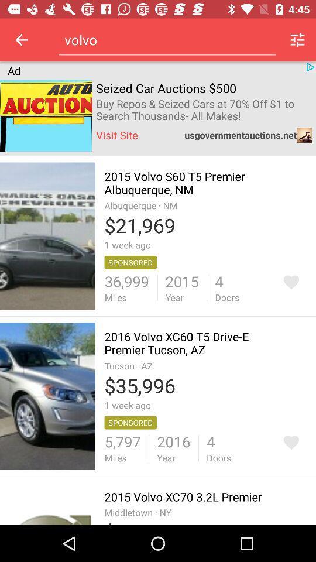 The width and height of the screenshot is (316, 562). What do you see at coordinates (117, 135) in the screenshot?
I see `visit site item` at bounding box center [117, 135].